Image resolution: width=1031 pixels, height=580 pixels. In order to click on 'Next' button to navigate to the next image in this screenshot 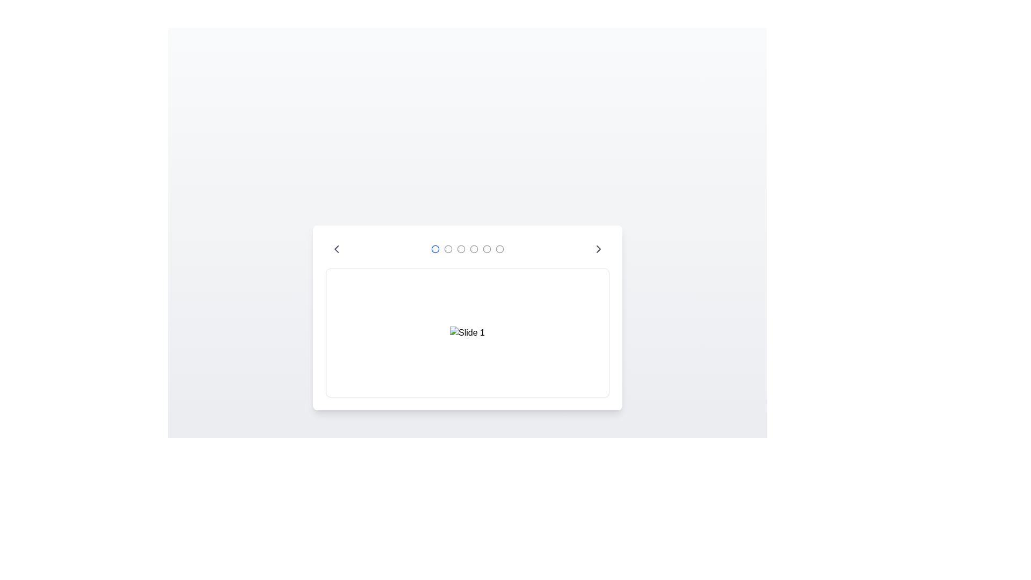, I will do `click(598, 249)`.